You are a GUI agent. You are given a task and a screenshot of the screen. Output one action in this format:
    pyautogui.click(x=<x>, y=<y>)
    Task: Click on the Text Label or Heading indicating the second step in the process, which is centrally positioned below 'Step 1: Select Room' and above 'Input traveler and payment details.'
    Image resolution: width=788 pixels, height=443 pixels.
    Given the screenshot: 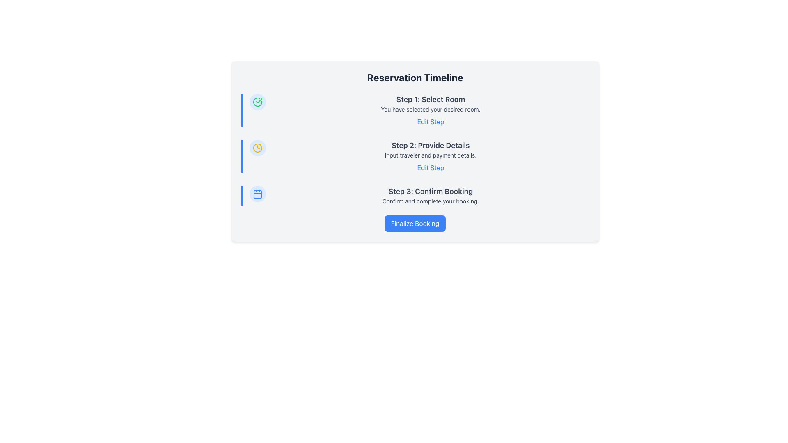 What is the action you would take?
    pyautogui.click(x=430, y=145)
    